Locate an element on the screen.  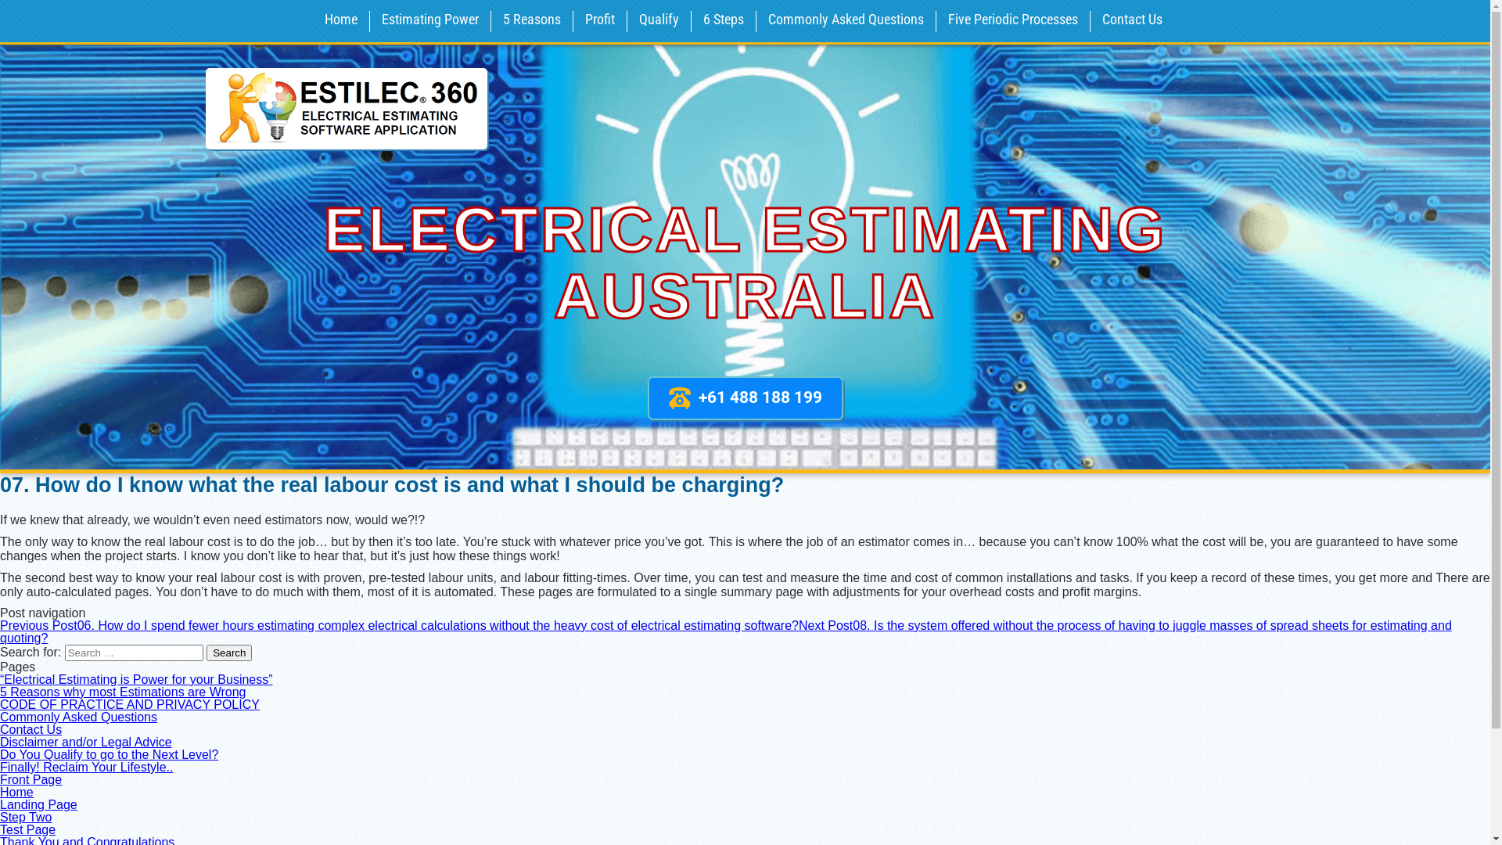
'5 Reasons why most Estimations are Wrong' is located at coordinates (122, 691).